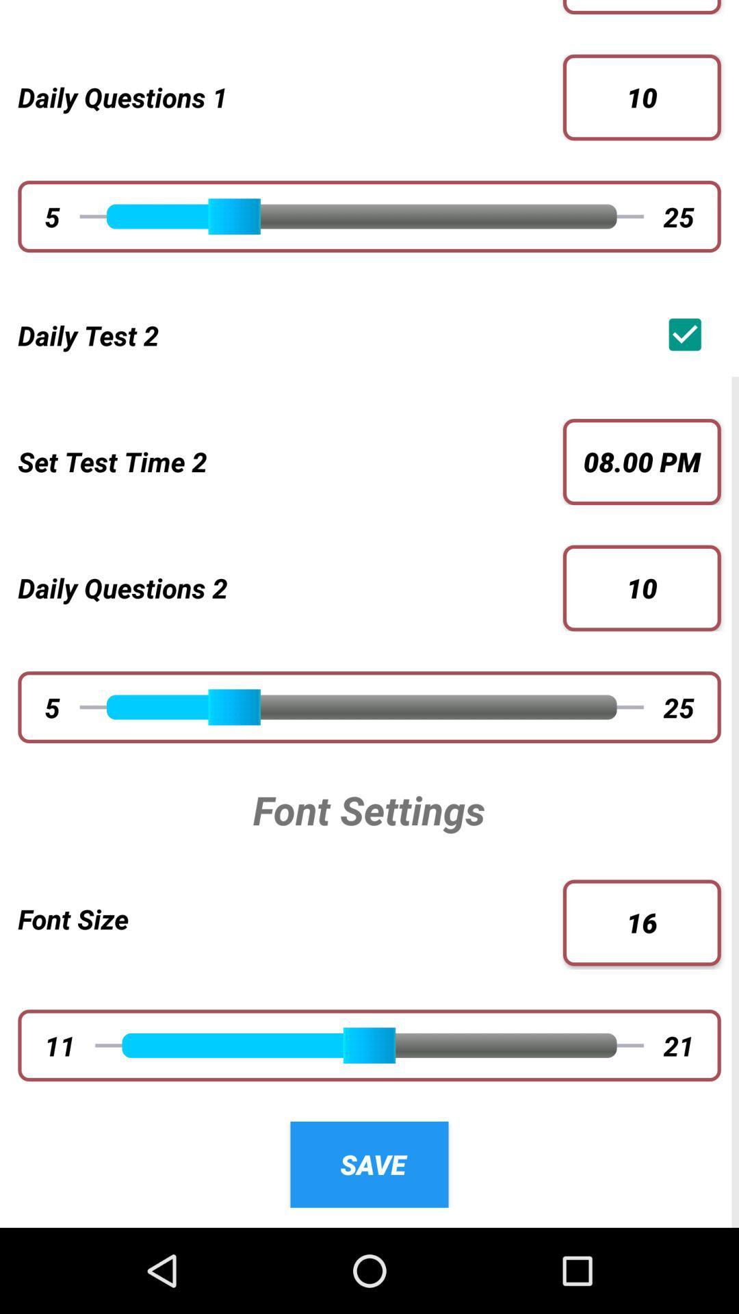  I want to click on the item next to the 16 icon, so click(289, 918).